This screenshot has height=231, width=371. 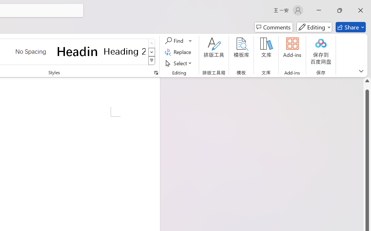 What do you see at coordinates (77, 51) in the screenshot?
I see `'Heading 1'` at bounding box center [77, 51].